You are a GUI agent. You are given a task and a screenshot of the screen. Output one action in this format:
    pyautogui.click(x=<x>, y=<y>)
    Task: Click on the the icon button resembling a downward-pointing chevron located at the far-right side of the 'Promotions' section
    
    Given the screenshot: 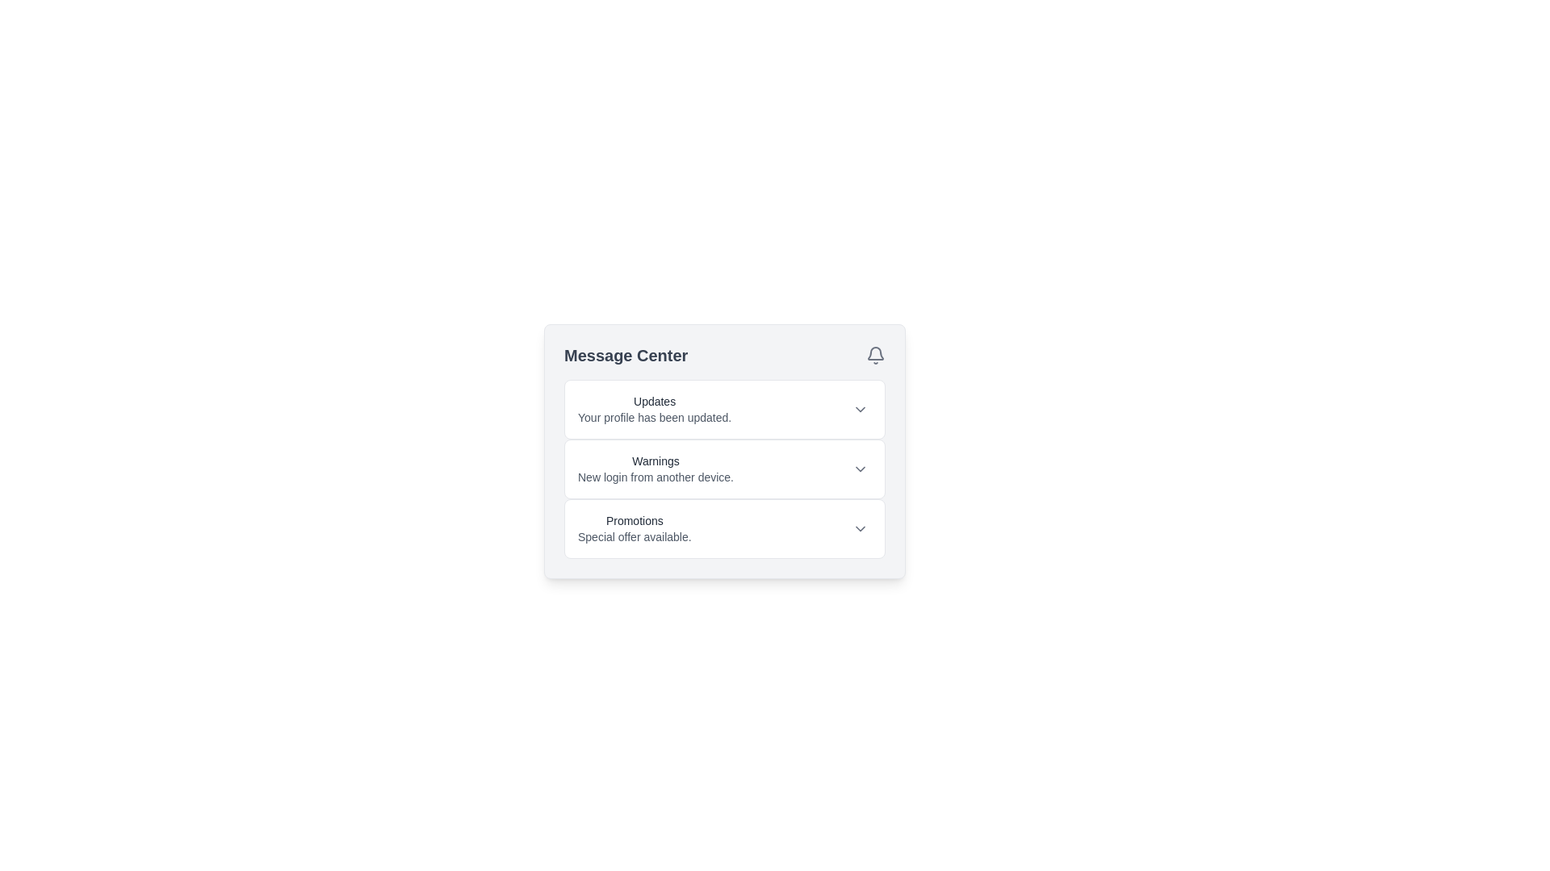 What is the action you would take?
    pyautogui.click(x=859, y=528)
    